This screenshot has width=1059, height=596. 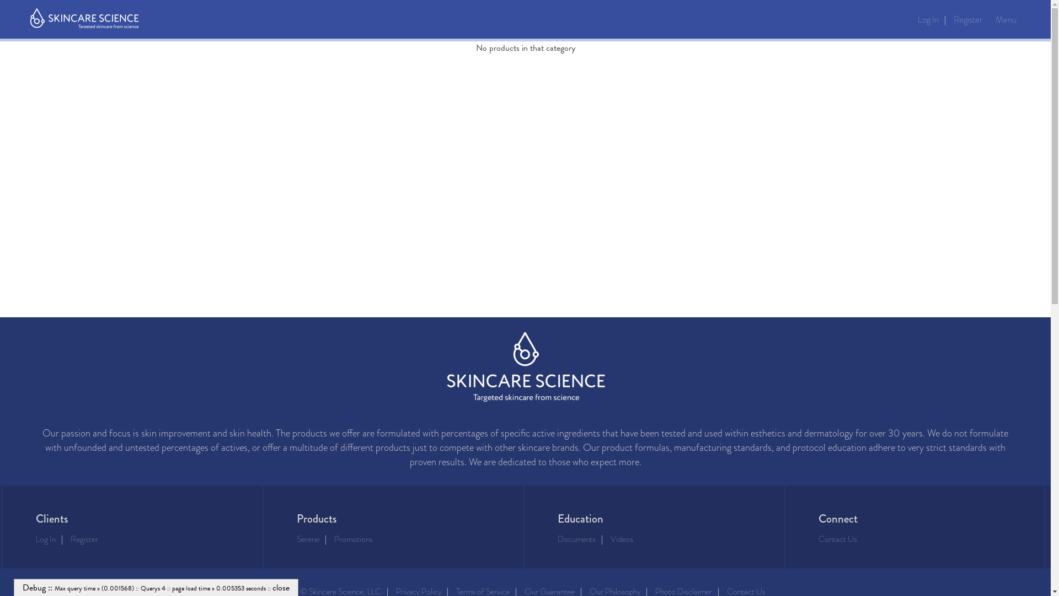 What do you see at coordinates (333, 538) in the screenshot?
I see `'Promotions'` at bounding box center [333, 538].